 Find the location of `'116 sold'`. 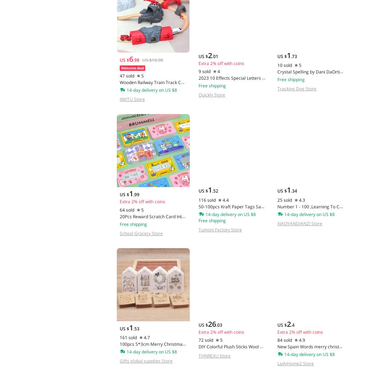

'116 sold' is located at coordinates (206, 200).